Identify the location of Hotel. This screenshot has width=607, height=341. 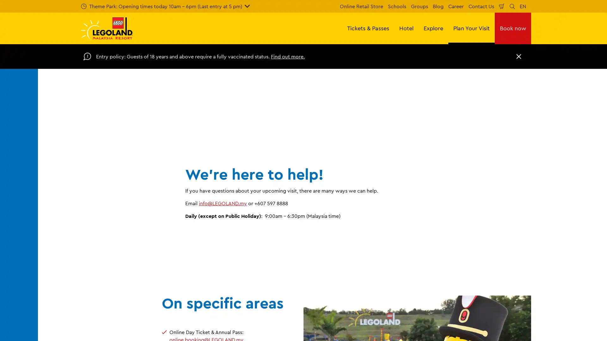
(406, 28).